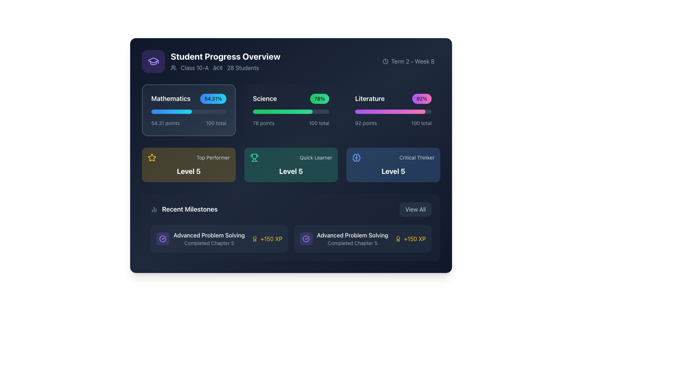  I want to click on the 'Advanced Problem Solving' text label in the 'Recent Milestones' section, which provides information about a completed milestone, so click(353, 235).